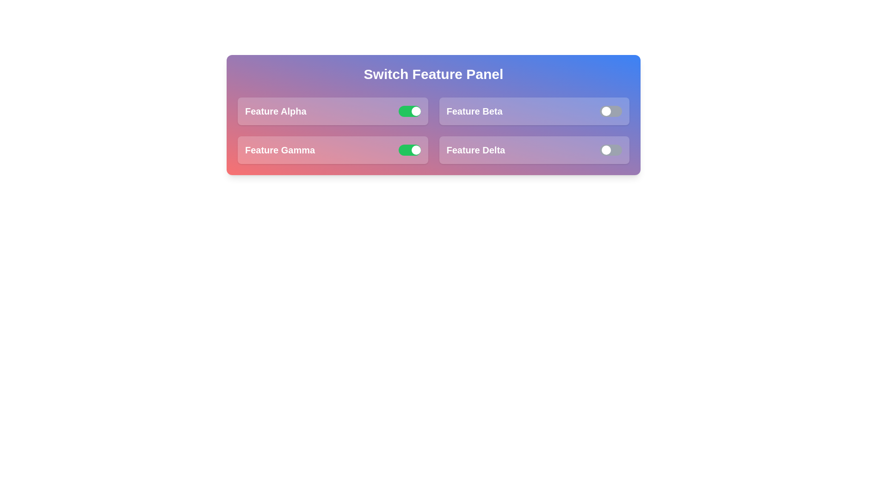  Describe the element at coordinates (409, 110) in the screenshot. I see `the switch for Feature Alpha` at that location.